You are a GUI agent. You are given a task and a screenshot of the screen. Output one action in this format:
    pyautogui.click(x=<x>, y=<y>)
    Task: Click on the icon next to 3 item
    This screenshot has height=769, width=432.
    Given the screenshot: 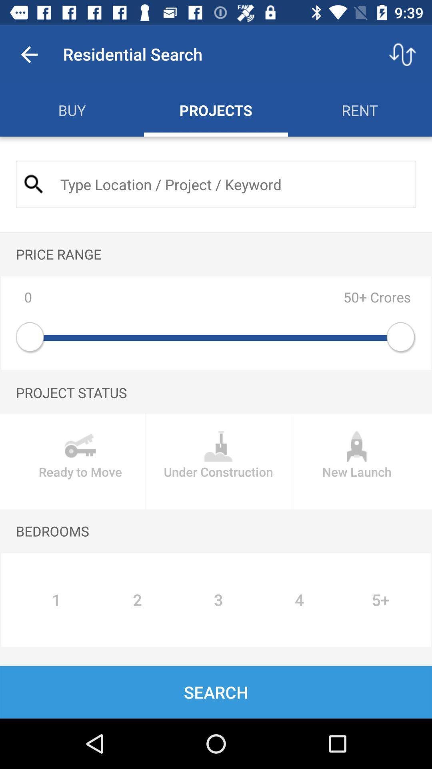 What is the action you would take?
    pyautogui.click(x=299, y=600)
    